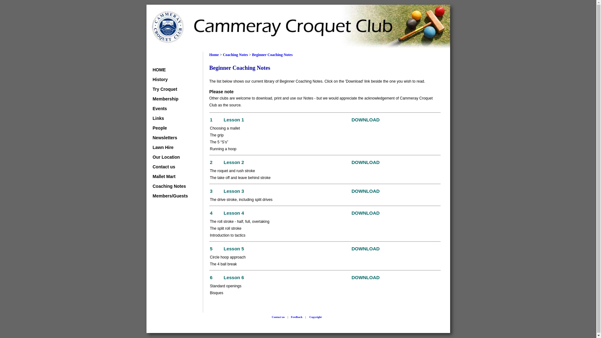  Describe the element at coordinates (316, 317) in the screenshot. I see `'Copyright'` at that location.